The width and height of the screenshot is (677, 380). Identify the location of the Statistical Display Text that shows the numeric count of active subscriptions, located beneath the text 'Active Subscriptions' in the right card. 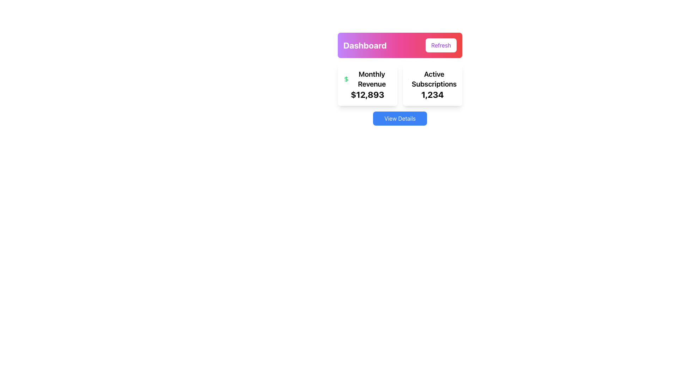
(432, 94).